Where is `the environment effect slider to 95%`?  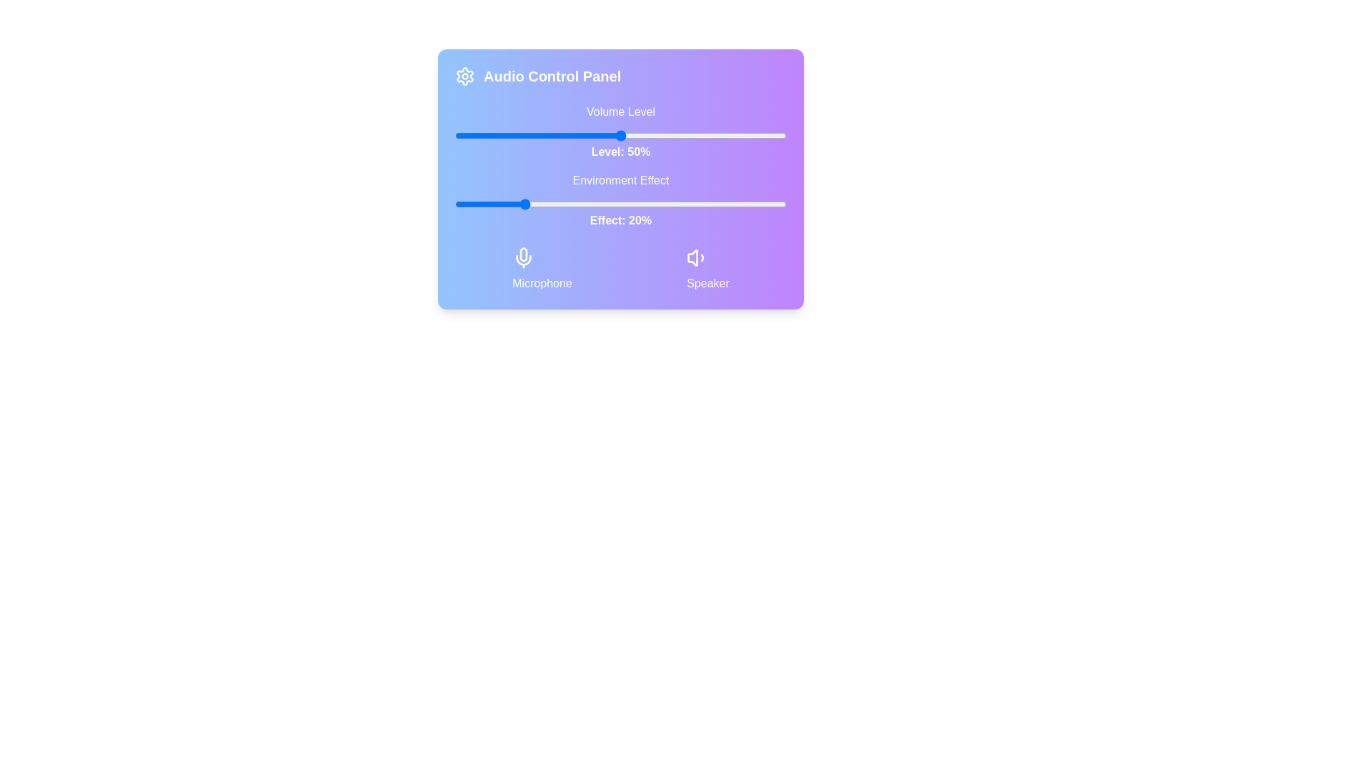 the environment effect slider to 95% is located at coordinates (769, 204).